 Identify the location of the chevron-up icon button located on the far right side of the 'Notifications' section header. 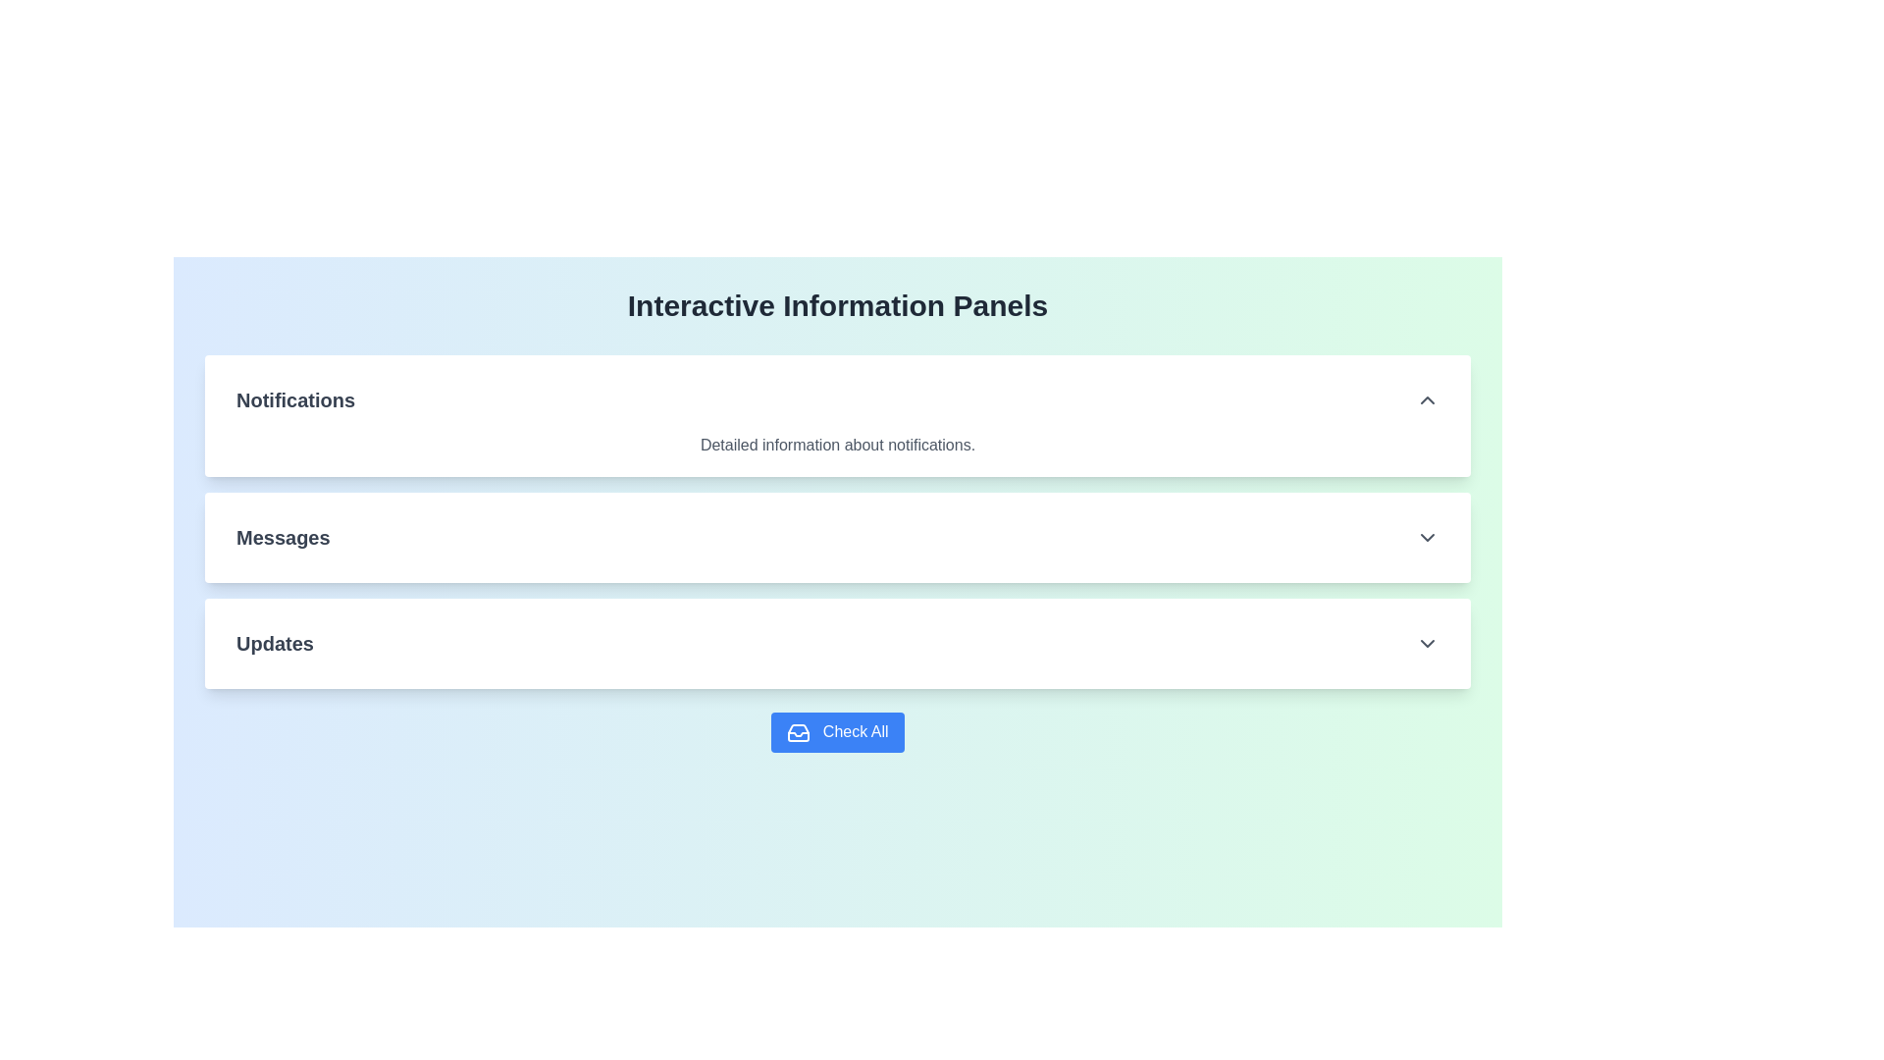
(1427, 399).